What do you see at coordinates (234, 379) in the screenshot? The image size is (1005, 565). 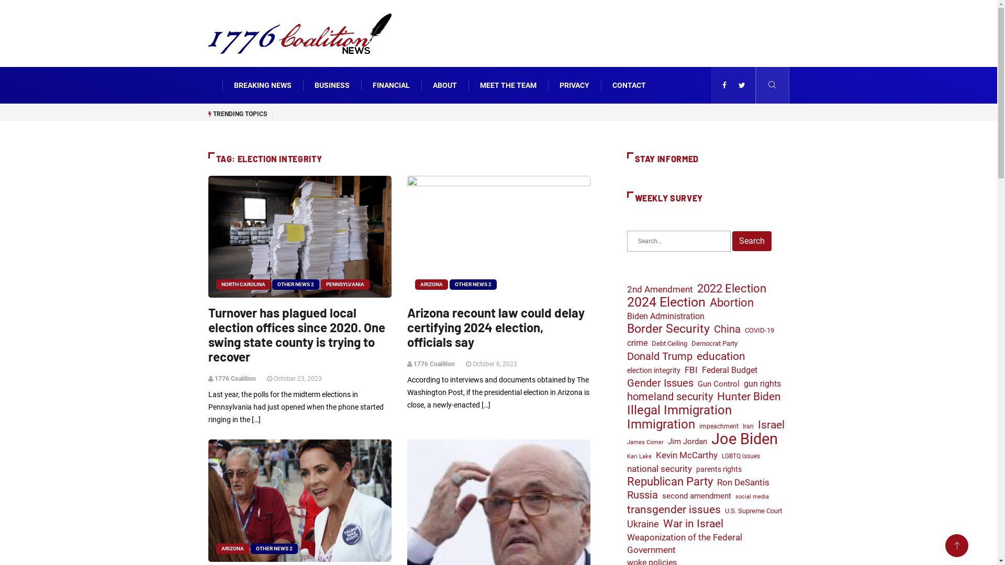 I see `'1776 Coalition'` at bounding box center [234, 379].